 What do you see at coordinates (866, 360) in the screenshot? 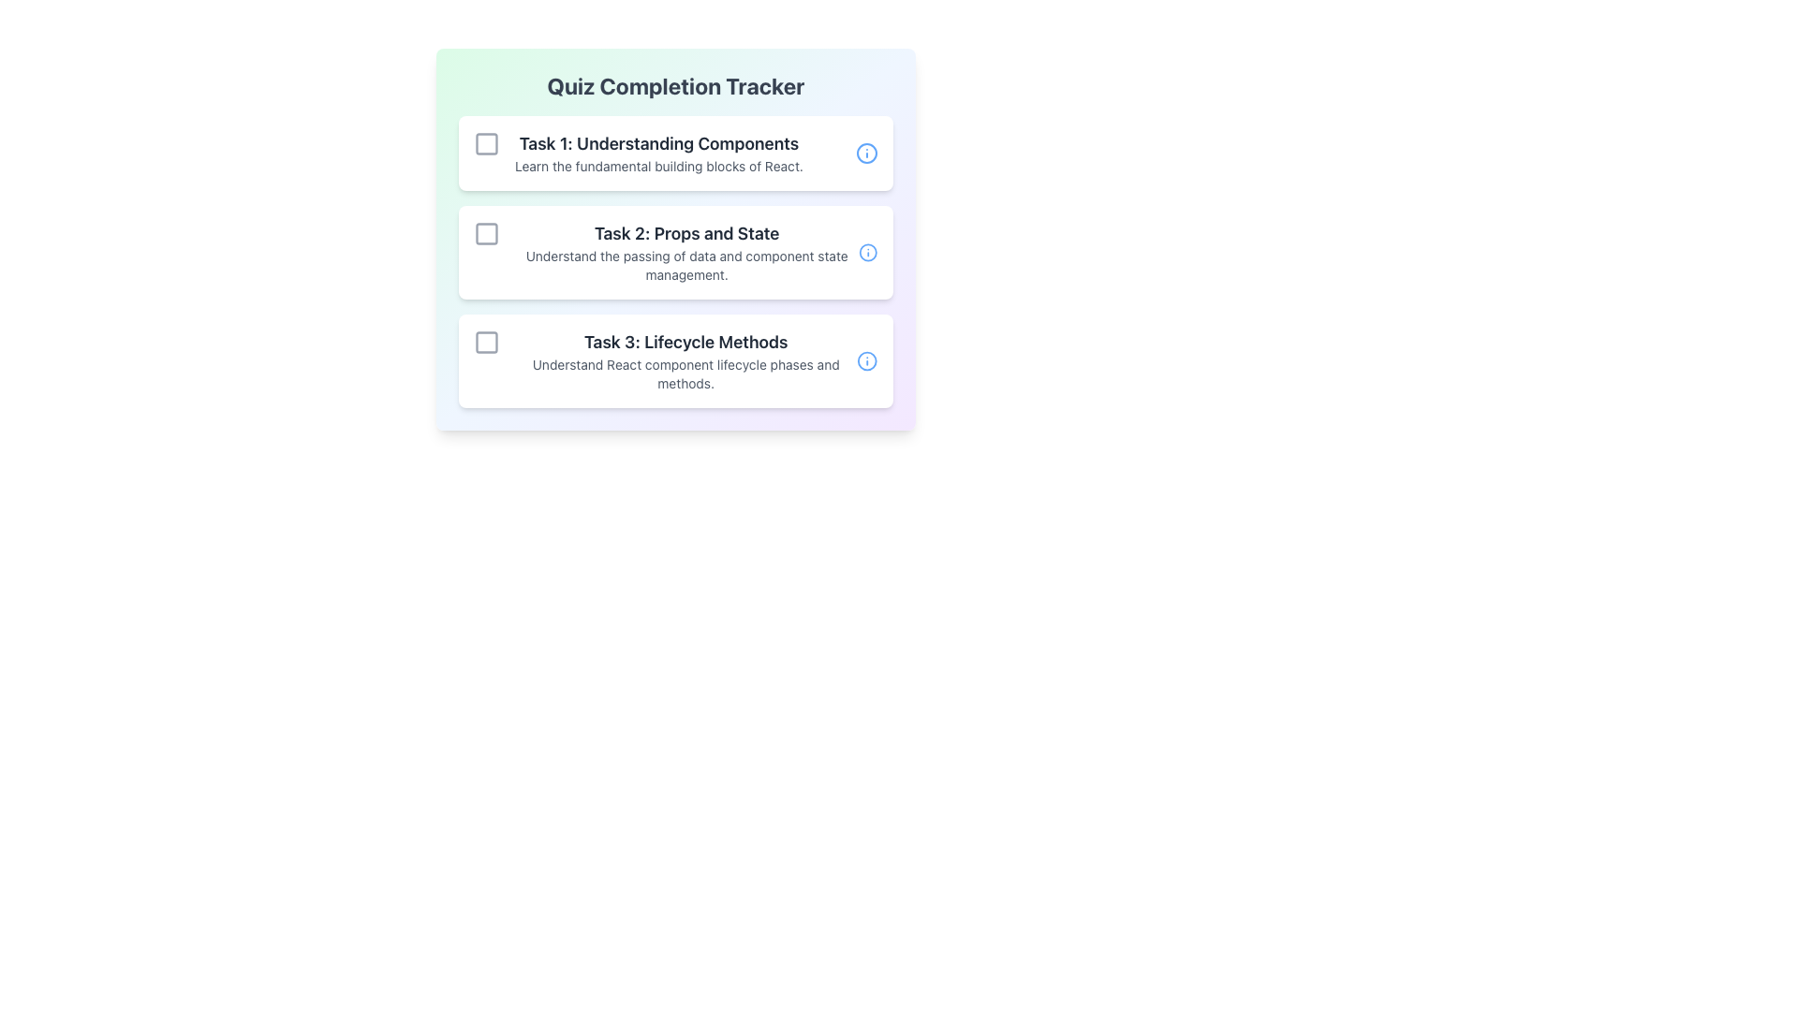
I see `the blue circular SVG icon located beside the text 'Task 3: Lifecycle Methods', which is the central circle within the icon` at bounding box center [866, 360].